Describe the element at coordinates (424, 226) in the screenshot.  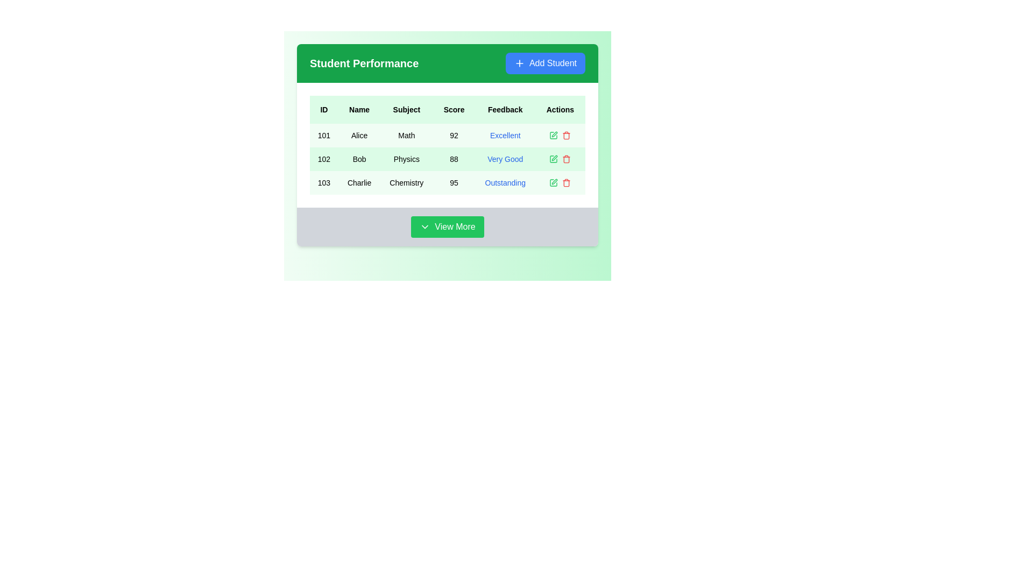
I see `the downward-pointing chevron icon that is part of the 'View More' button, positioned slightly to the left of the button text` at that location.